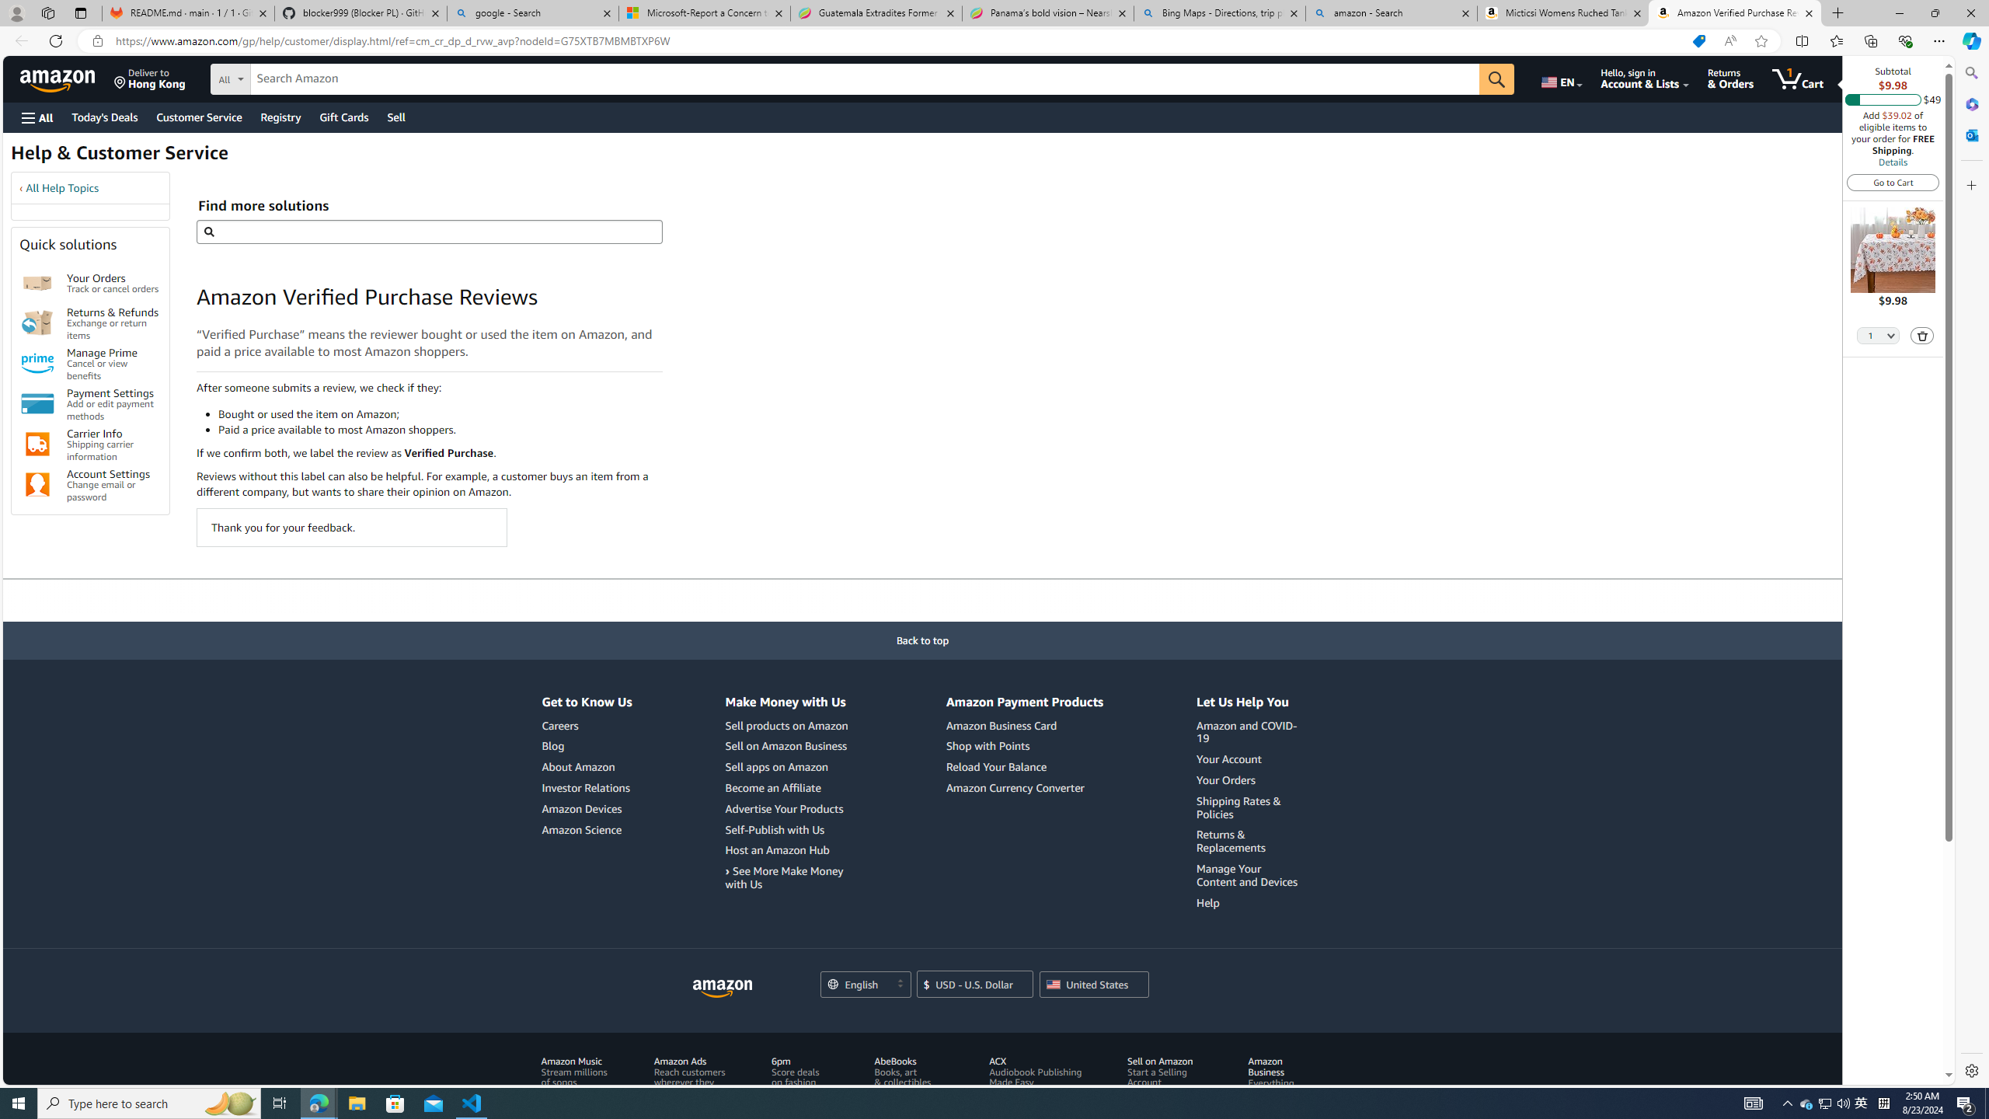  What do you see at coordinates (1249, 902) in the screenshot?
I see `'Help'` at bounding box center [1249, 902].